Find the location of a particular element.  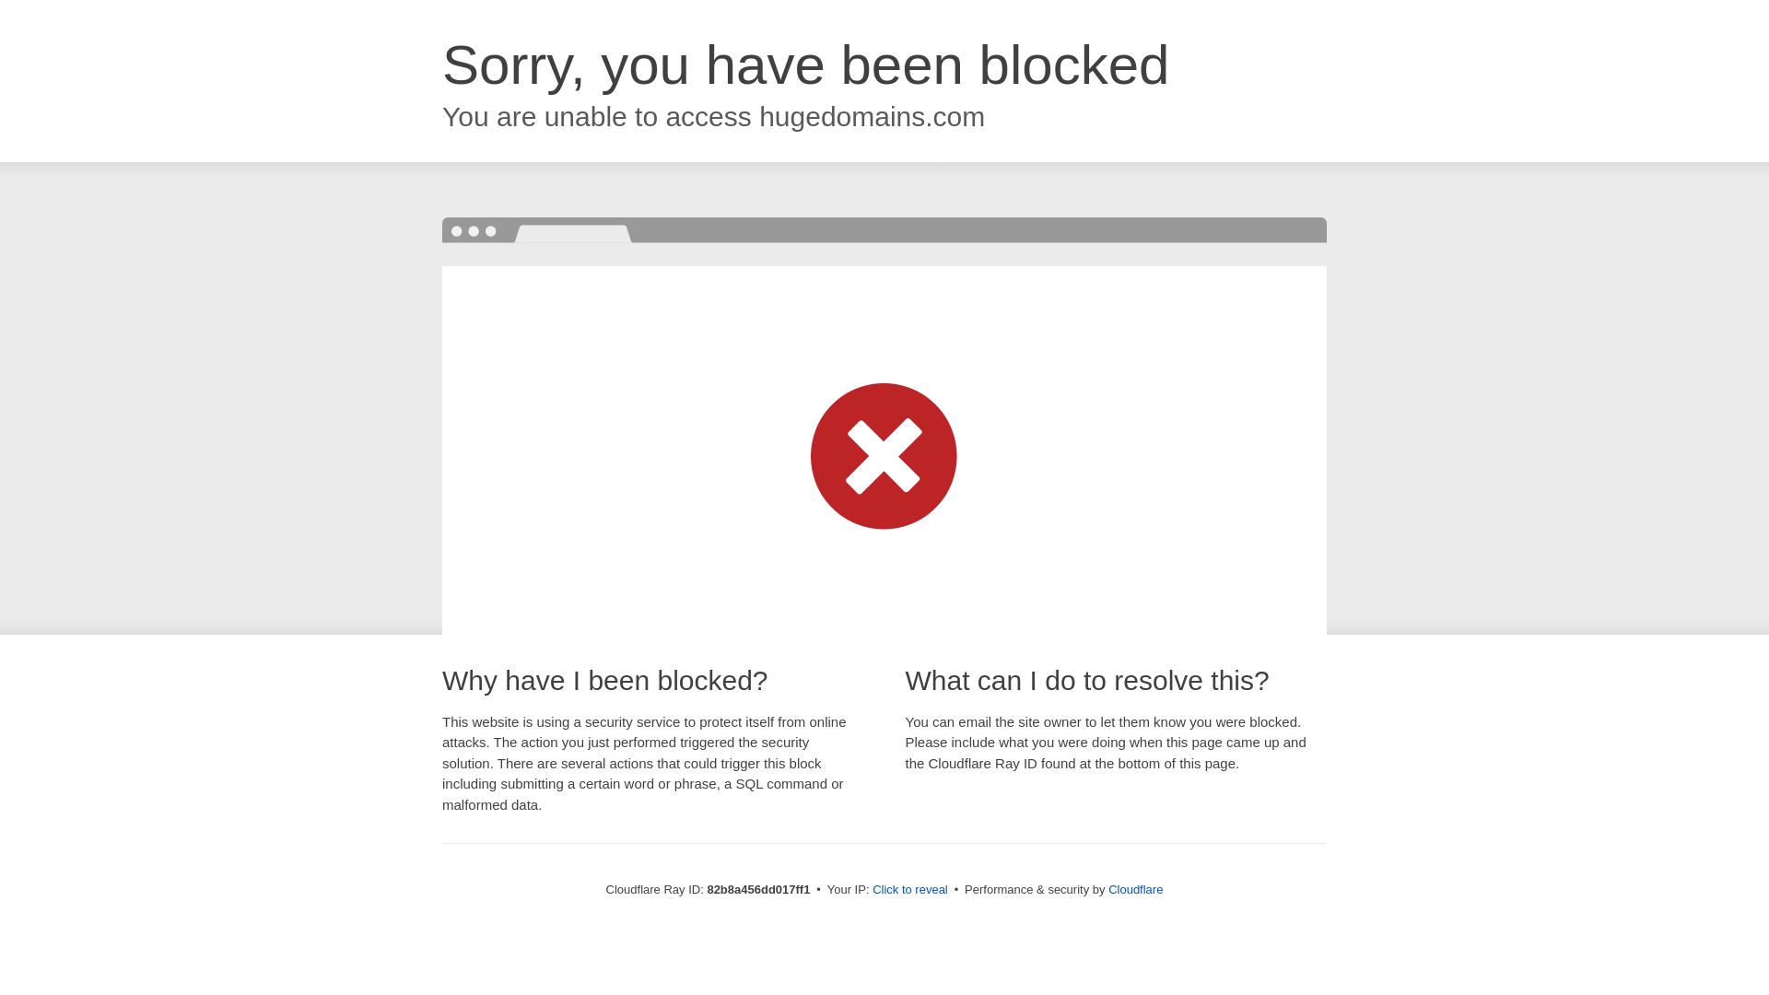

'Click to reveal' is located at coordinates (910, 888).